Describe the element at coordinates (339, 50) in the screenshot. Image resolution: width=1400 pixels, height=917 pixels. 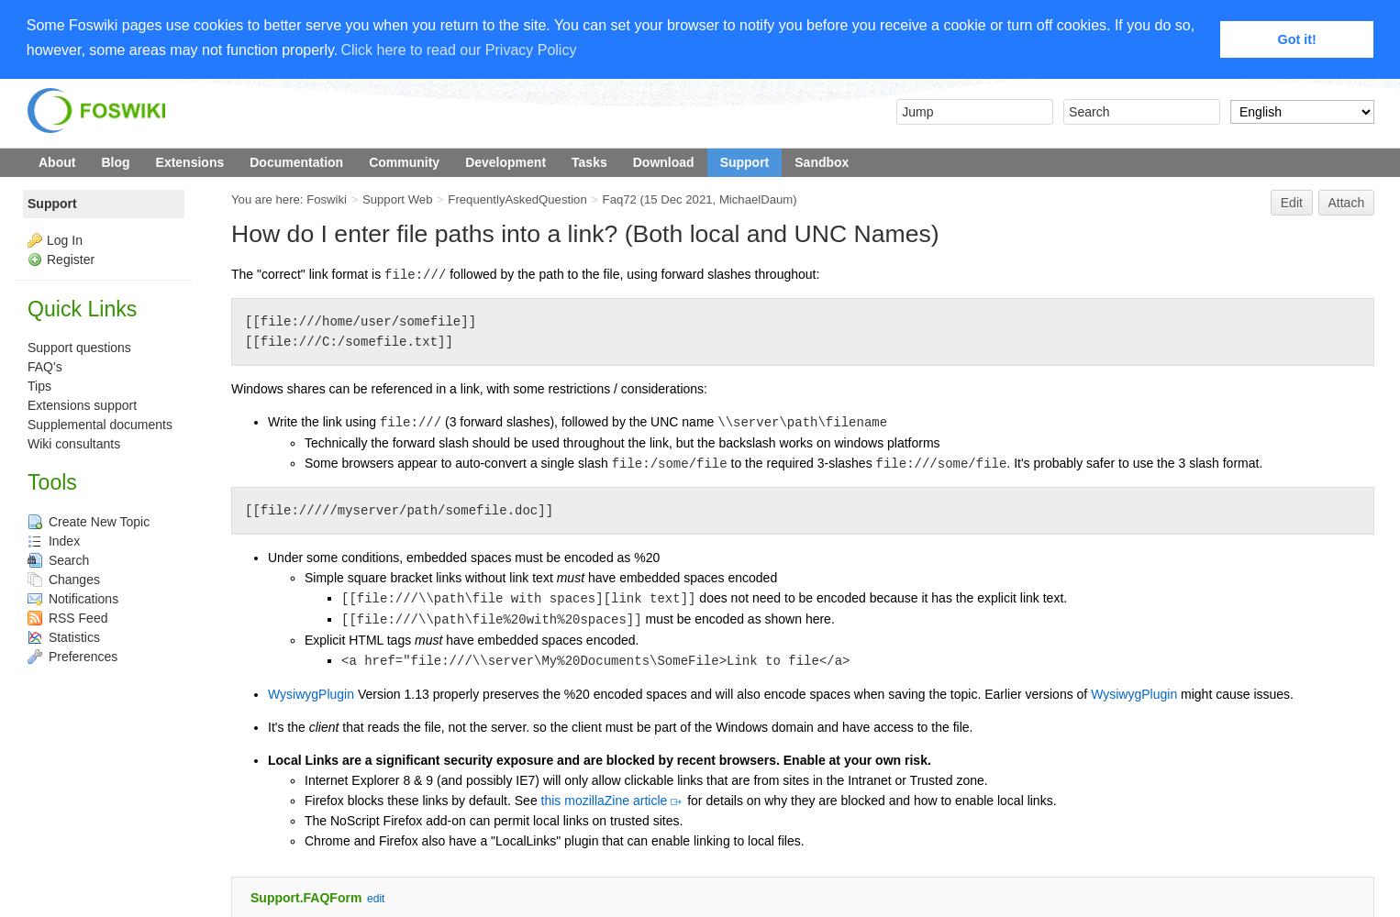
I see `'Click here to read our Privacy Policy'` at that location.